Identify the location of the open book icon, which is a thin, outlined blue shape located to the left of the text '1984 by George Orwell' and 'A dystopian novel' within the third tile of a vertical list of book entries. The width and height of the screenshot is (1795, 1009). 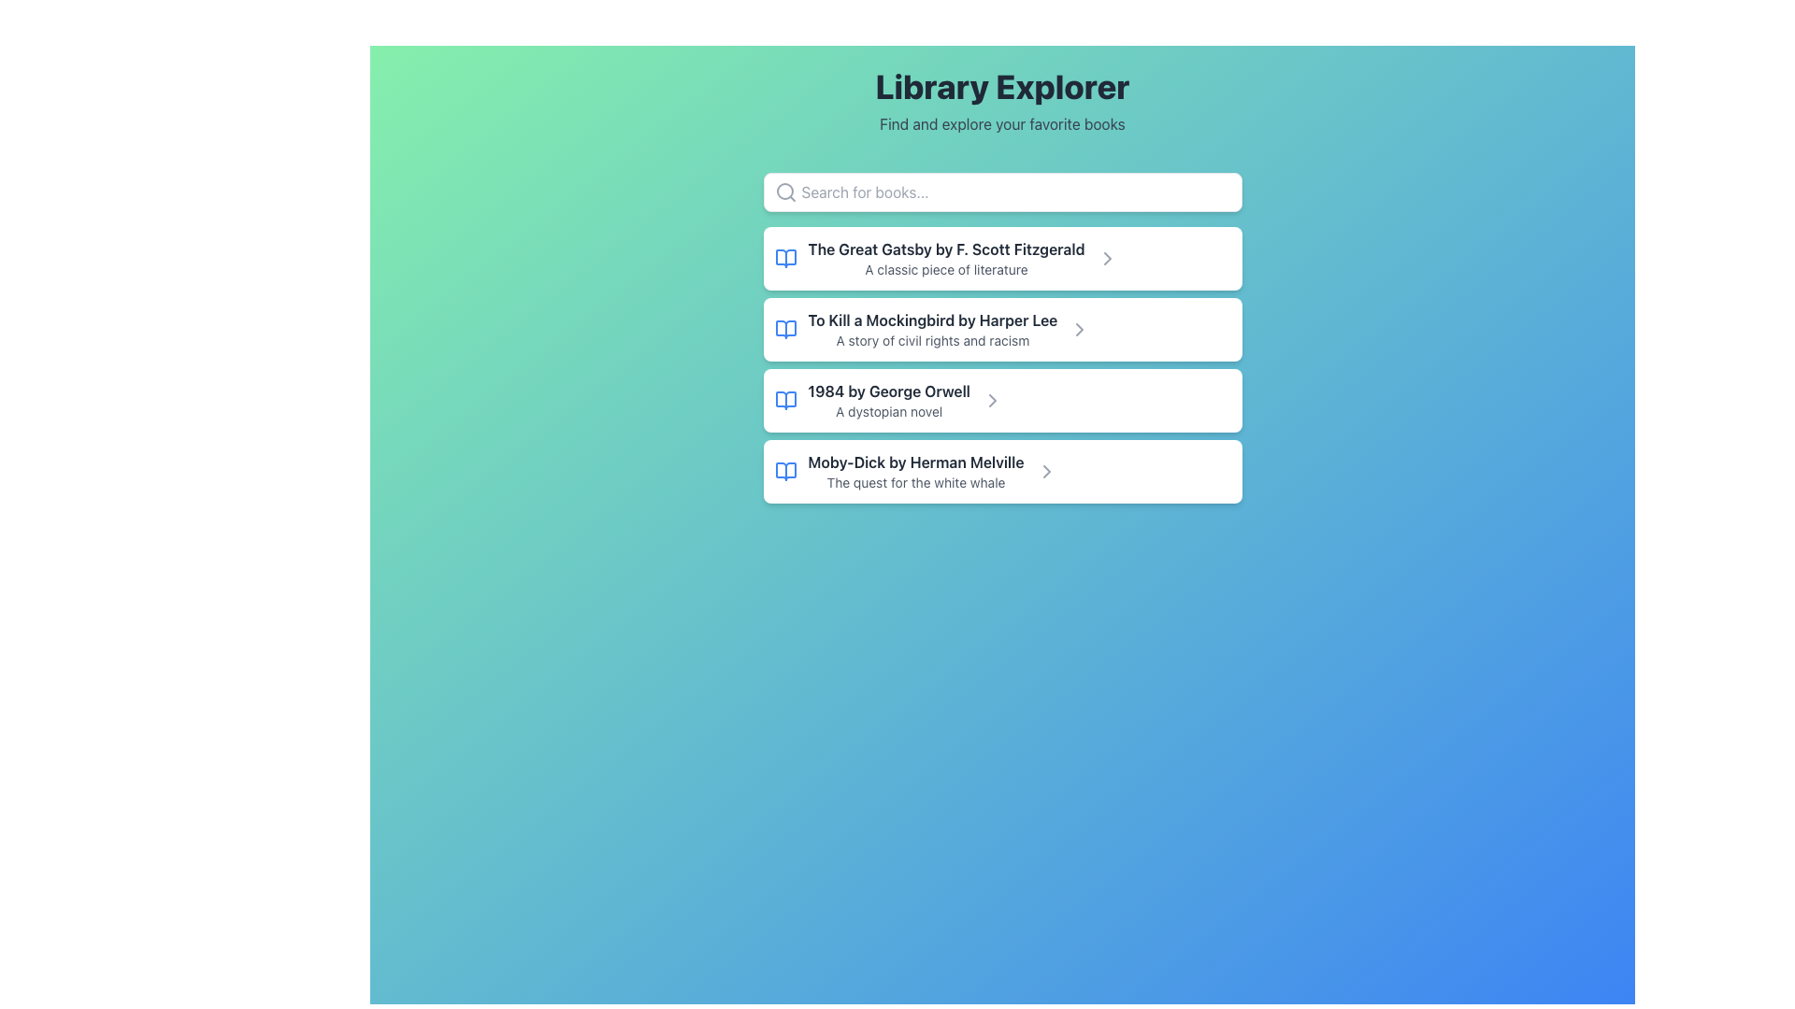
(785, 399).